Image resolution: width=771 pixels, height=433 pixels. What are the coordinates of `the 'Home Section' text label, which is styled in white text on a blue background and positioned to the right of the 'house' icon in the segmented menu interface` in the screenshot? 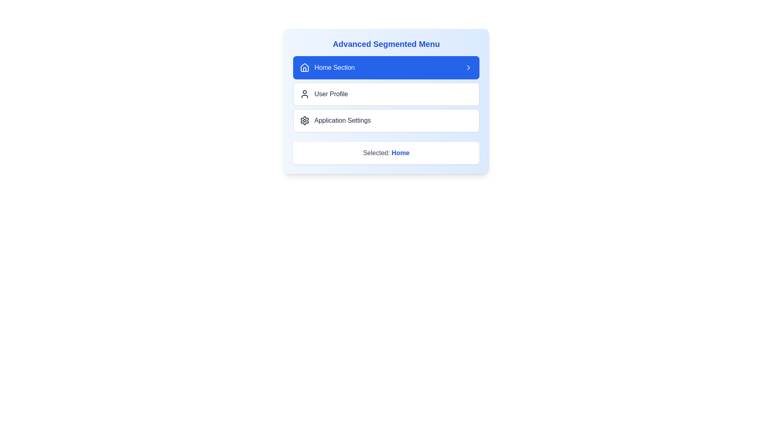 It's located at (335, 67).